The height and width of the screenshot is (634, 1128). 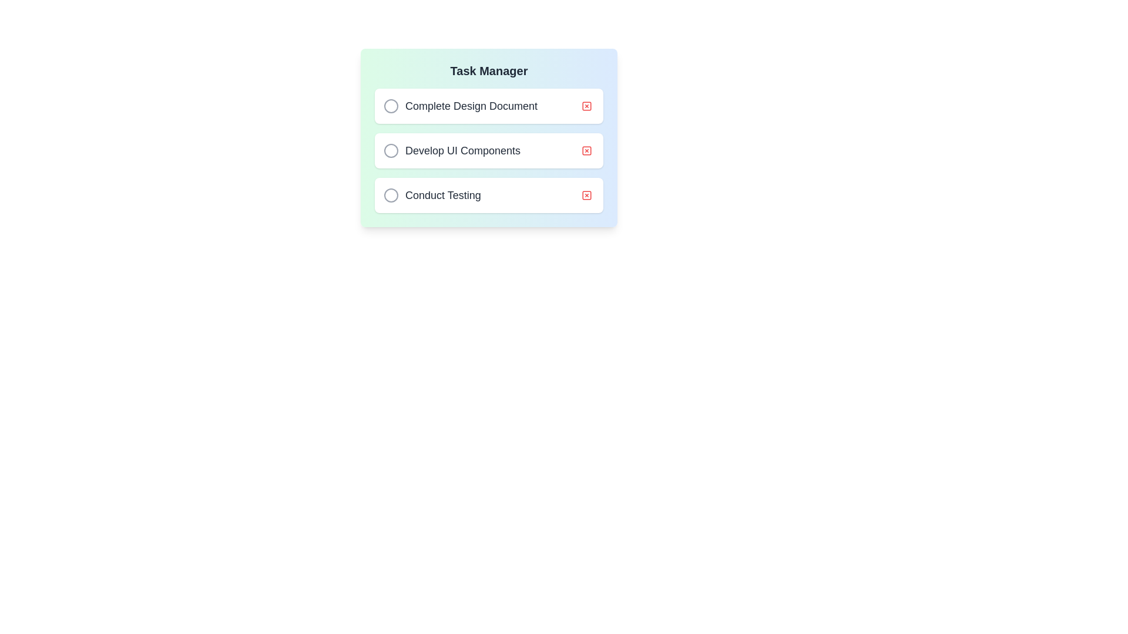 I want to click on the delete icon button located to the right of the text 'Complete Design Document' in the task list, so click(x=586, y=106).